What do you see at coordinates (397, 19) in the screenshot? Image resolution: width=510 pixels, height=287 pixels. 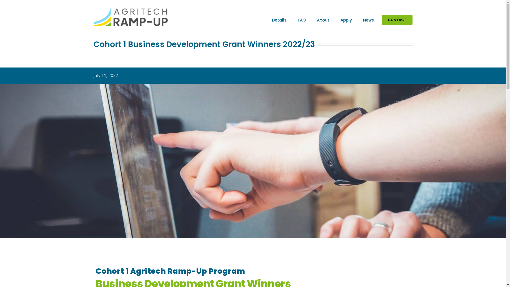 I see `'CONTACT'` at bounding box center [397, 19].